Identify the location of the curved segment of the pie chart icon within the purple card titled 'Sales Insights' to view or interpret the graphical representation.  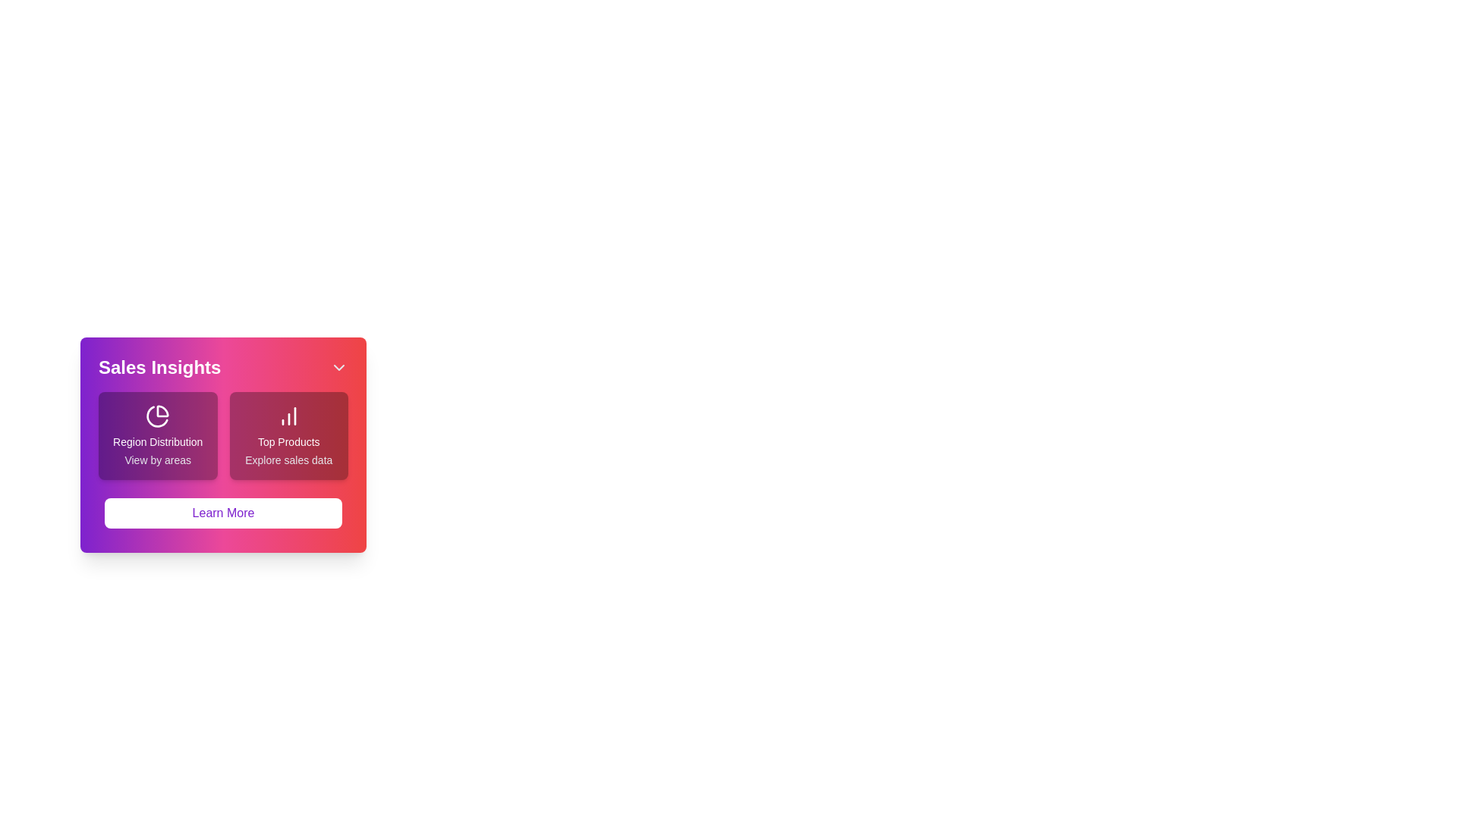
(162, 411).